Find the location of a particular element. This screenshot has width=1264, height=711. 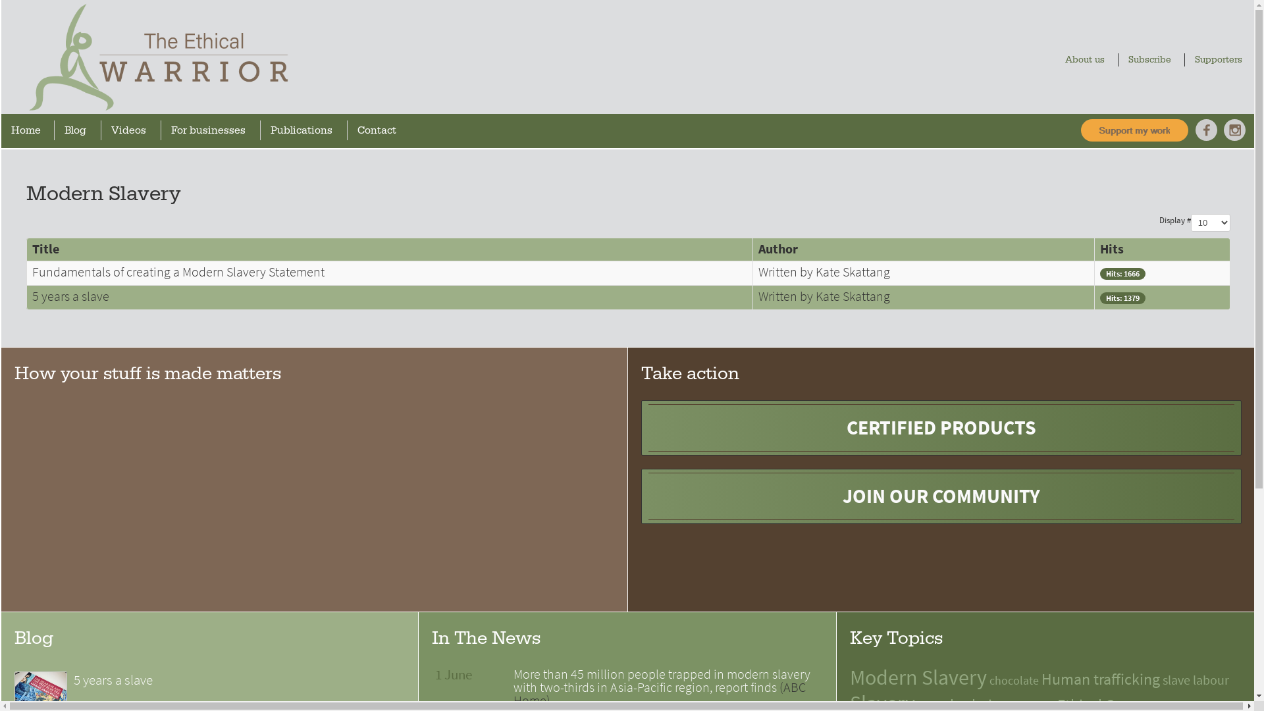

'Modern Slavery' is located at coordinates (918, 677).